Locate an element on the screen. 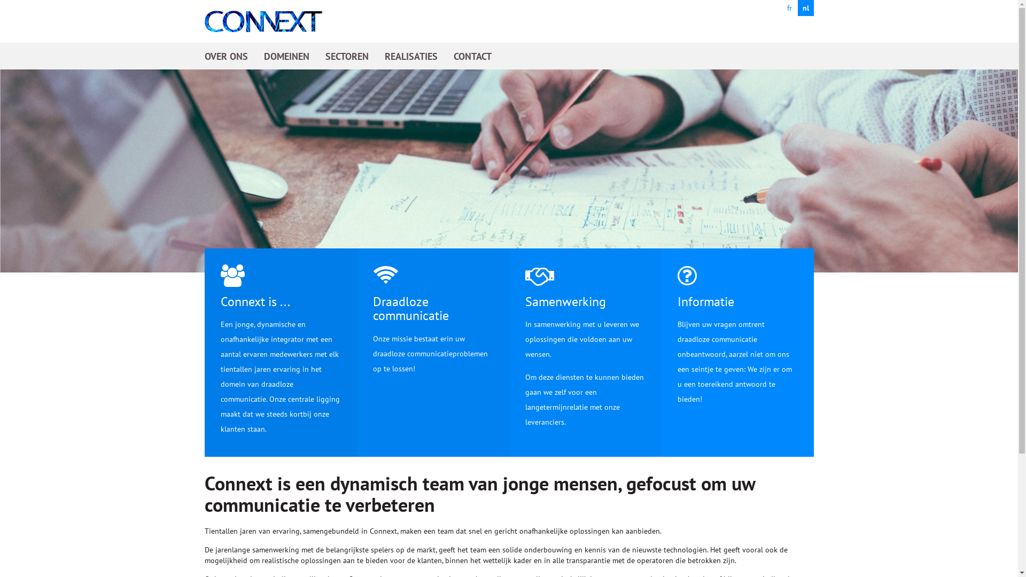  'OVER ONS' is located at coordinates (225, 56).